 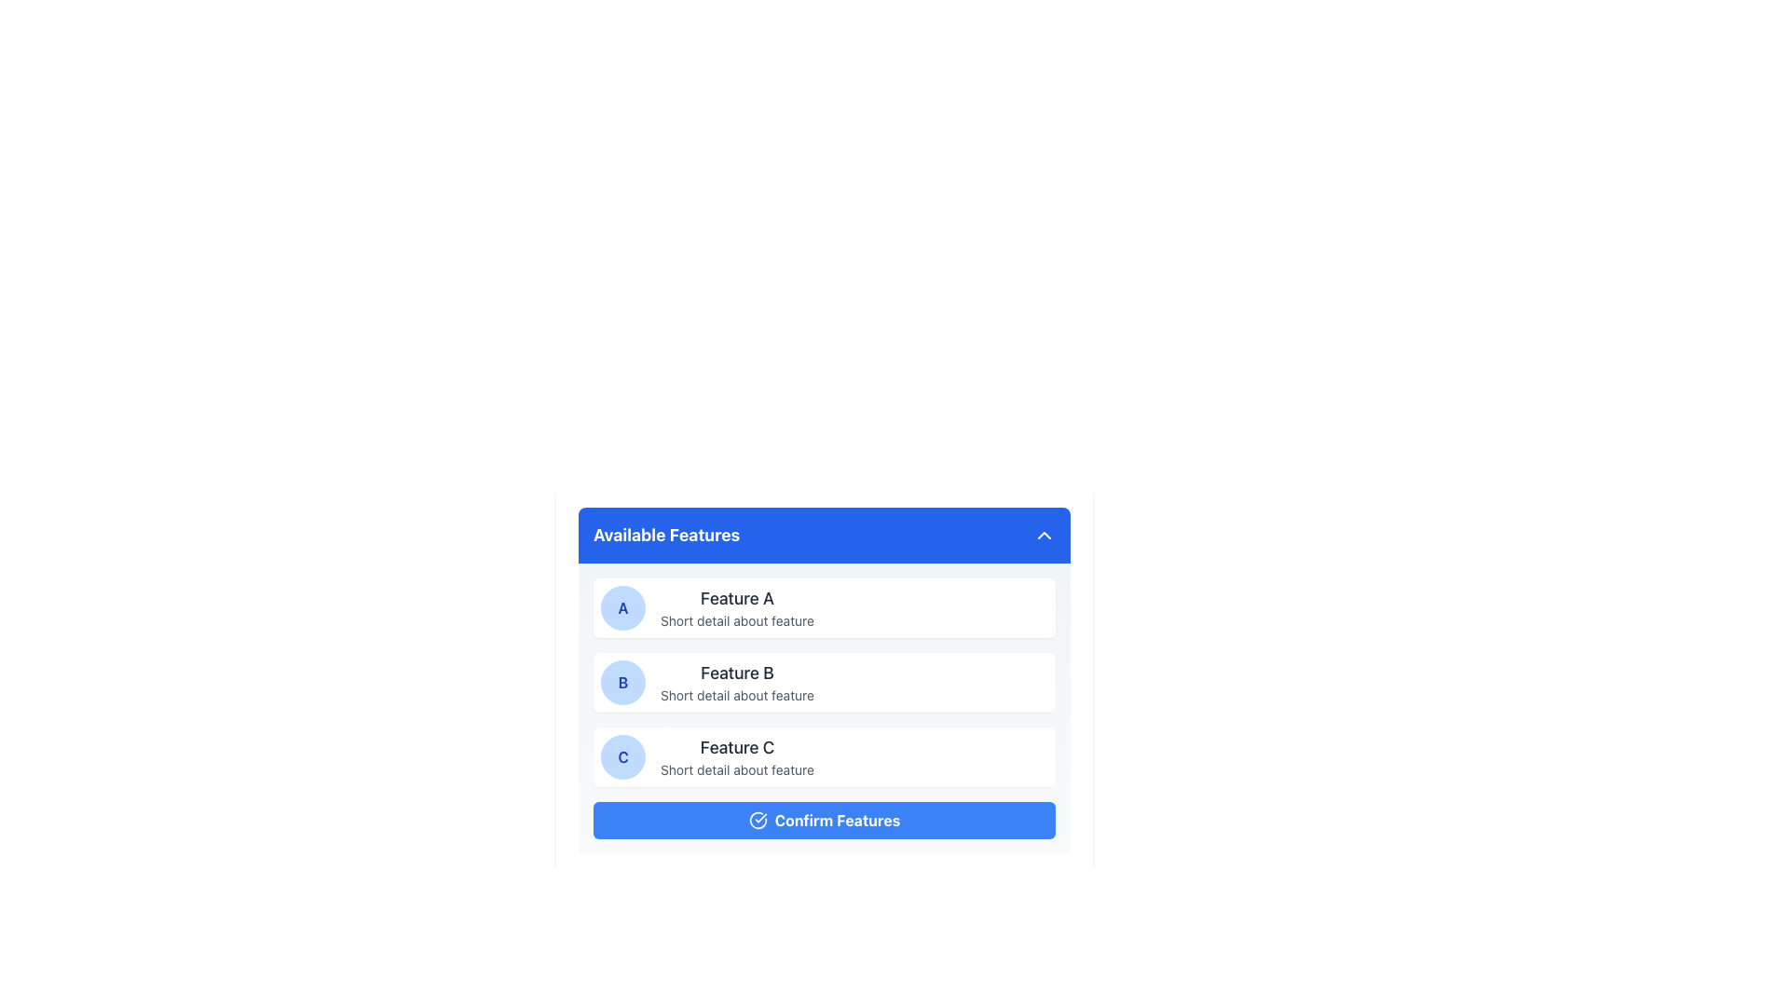 What do you see at coordinates (622, 682) in the screenshot?
I see `the circular badge with a blue background and a bold 'B' in dark blue, which is the leftmost element beside 'Feature B' in the 'Available Features' panel` at bounding box center [622, 682].